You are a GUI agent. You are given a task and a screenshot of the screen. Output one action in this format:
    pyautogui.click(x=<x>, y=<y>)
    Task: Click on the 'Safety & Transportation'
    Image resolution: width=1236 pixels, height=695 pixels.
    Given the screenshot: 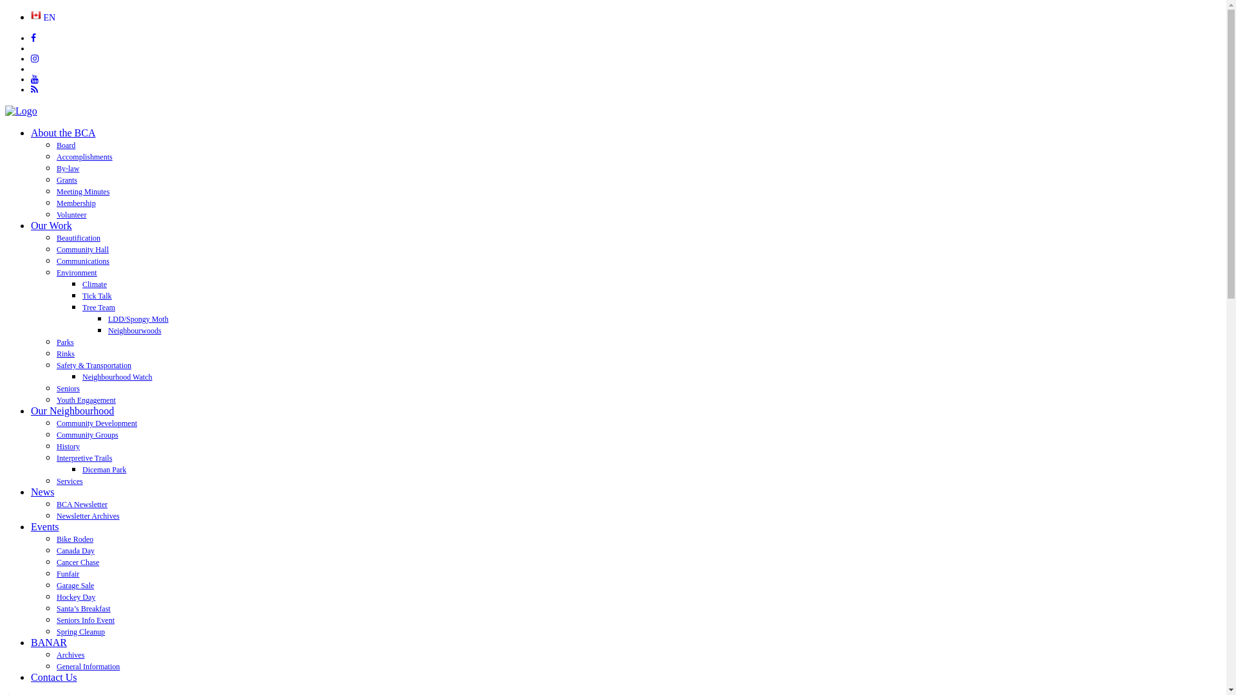 What is the action you would take?
    pyautogui.click(x=93, y=365)
    